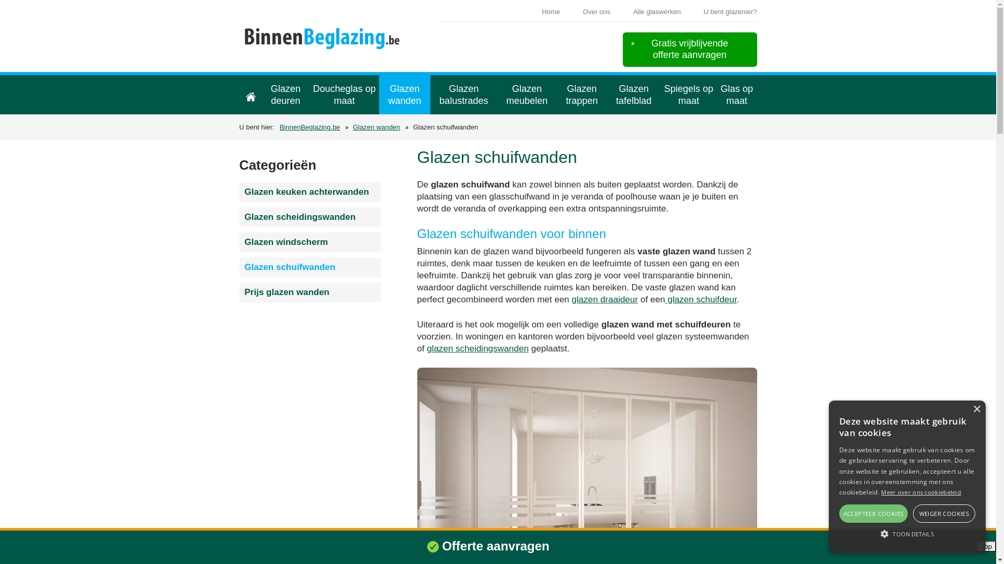  What do you see at coordinates (689, 95) in the screenshot?
I see `'Spiegels op maat'` at bounding box center [689, 95].